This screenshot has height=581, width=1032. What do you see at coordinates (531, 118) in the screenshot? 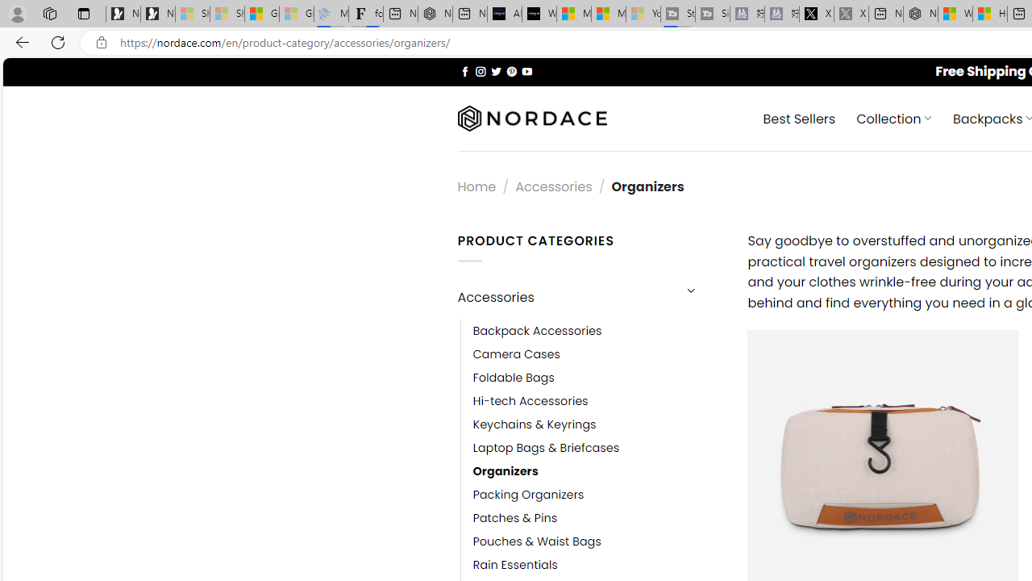
I see `'Nordace'` at bounding box center [531, 118].